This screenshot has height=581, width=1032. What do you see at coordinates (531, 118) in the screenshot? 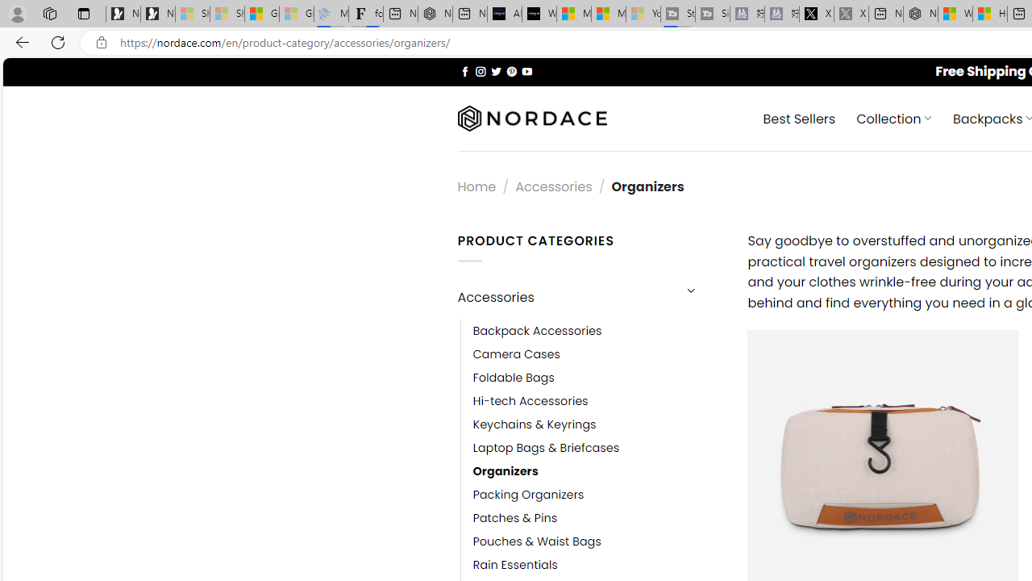
I see `'Nordace'` at bounding box center [531, 118].